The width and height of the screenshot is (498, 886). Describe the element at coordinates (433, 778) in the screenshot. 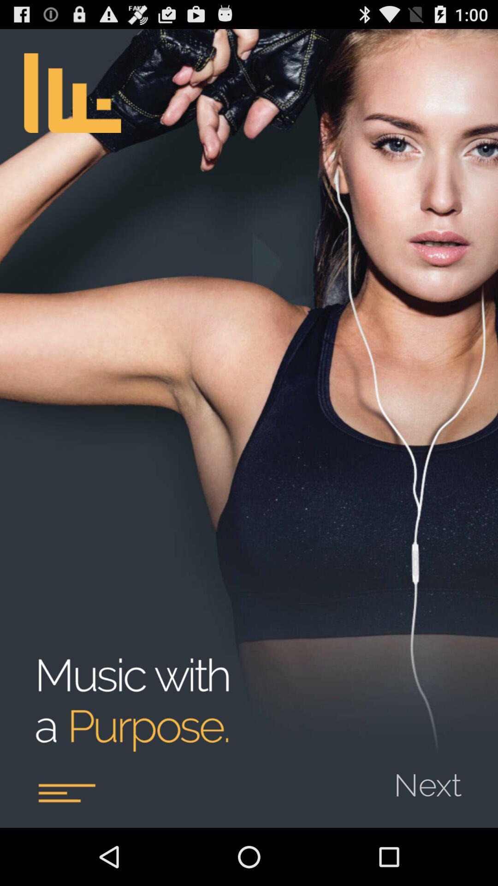

I see `next icon` at that location.